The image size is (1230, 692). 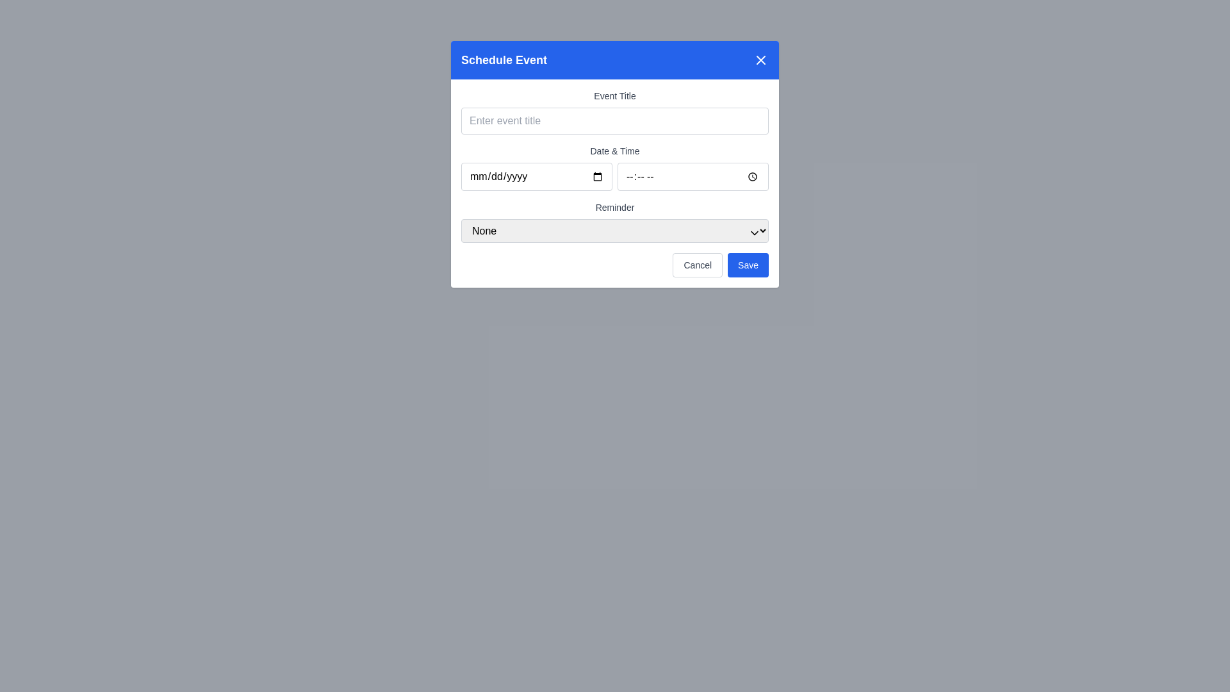 What do you see at coordinates (537, 177) in the screenshot?
I see `the Date Input Field located on the left side of the Date & Time section, which allows users to input a date` at bounding box center [537, 177].